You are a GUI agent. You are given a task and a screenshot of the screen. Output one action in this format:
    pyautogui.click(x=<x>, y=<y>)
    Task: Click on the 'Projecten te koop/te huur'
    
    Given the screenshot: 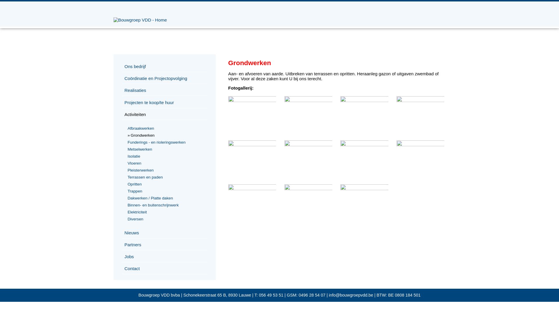 What is the action you would take?
    pyautogui.click(x=121, y=102)
    